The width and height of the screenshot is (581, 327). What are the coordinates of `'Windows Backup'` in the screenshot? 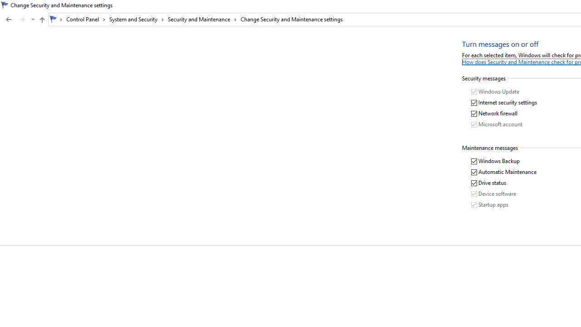 It's located at (495, 161).